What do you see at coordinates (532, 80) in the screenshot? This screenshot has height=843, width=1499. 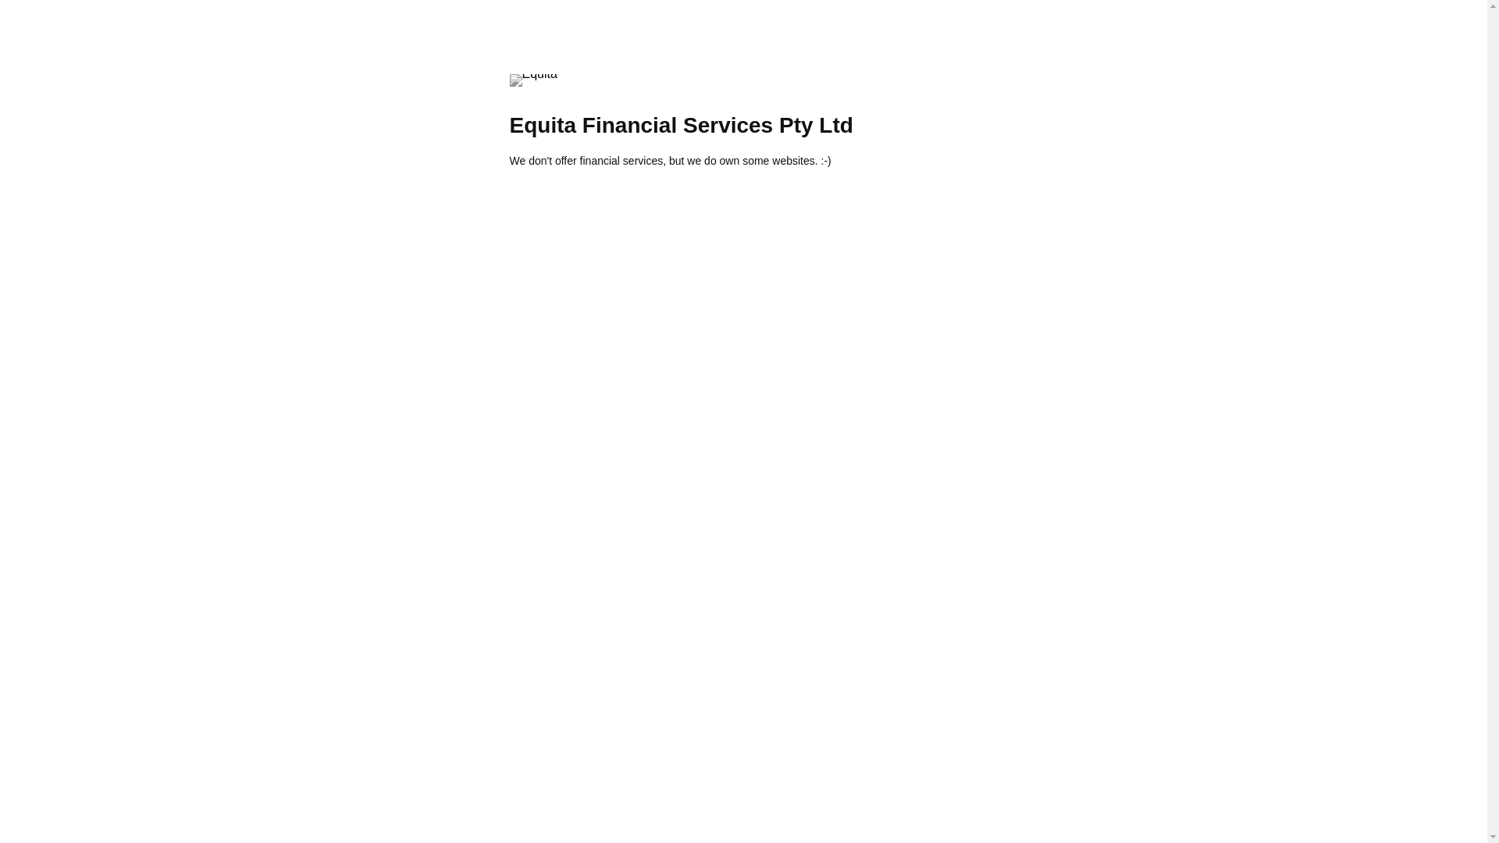 I see `'Equita'` at bounding box center [532, 80].